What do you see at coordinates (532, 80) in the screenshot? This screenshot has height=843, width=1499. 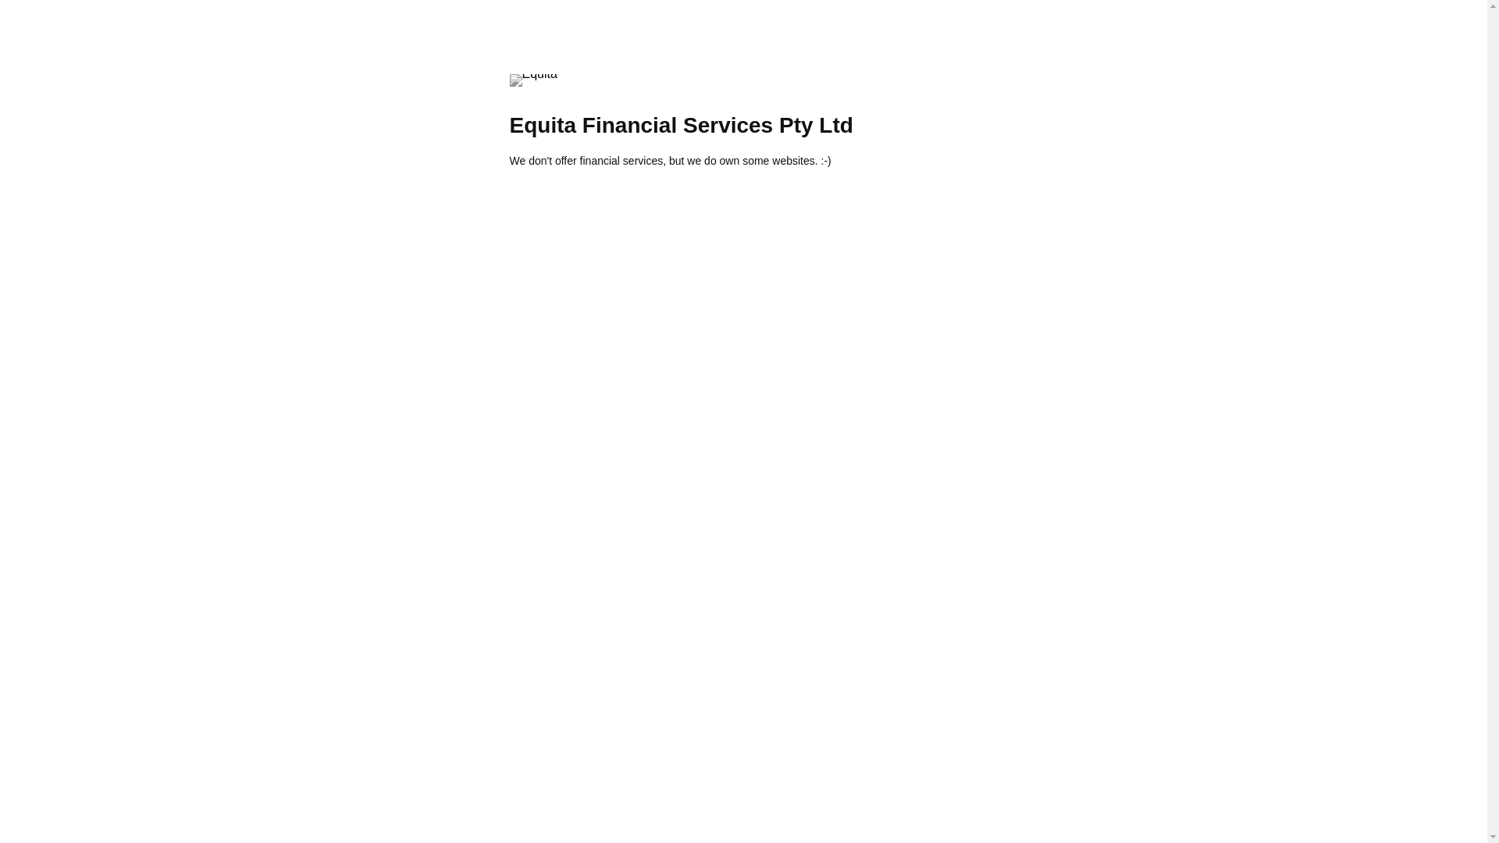 I see `'Equita'` at bounding box center [532, 80].